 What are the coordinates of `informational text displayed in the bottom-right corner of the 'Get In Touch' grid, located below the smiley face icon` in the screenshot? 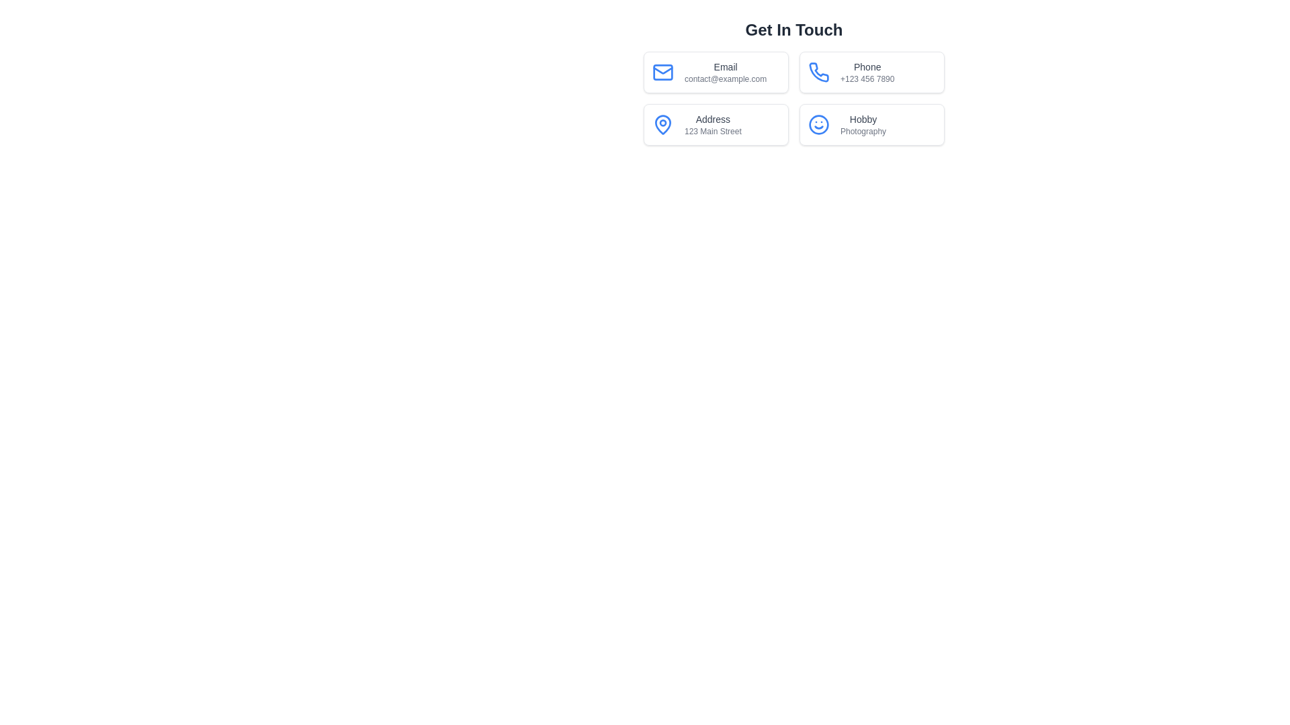 It's located at (863, 124).